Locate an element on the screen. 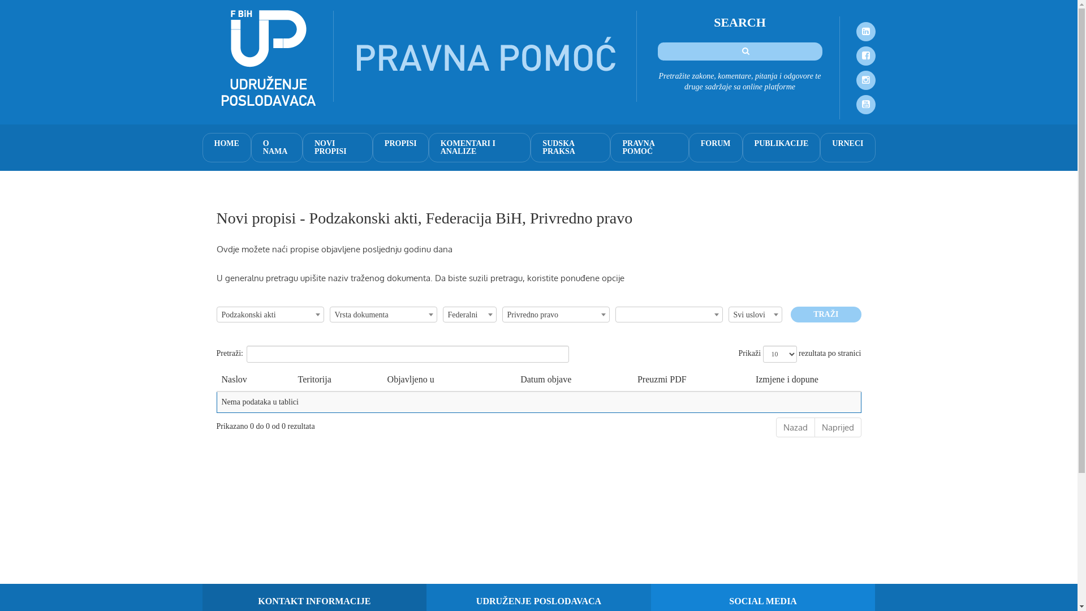 The height and width of the screenshot is (611, 1086). 'Naprijed' is located at coordinates (838, 427).